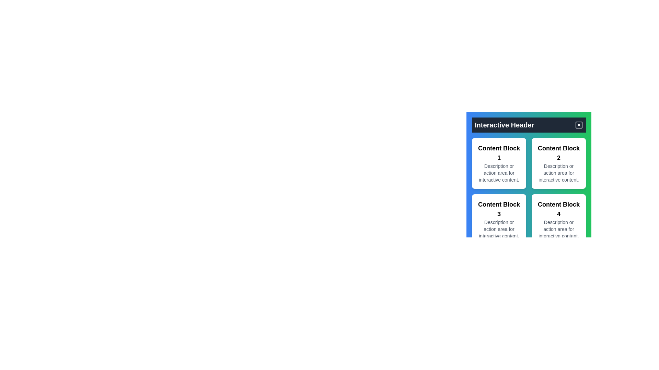 This screenshot has width=659, height=370. What do you see at coordinates (499, 173) in the screenshot?
I see `descriptive text block located under the heading 'Content Block 1' within the white card` at bounding box center [499, 173].